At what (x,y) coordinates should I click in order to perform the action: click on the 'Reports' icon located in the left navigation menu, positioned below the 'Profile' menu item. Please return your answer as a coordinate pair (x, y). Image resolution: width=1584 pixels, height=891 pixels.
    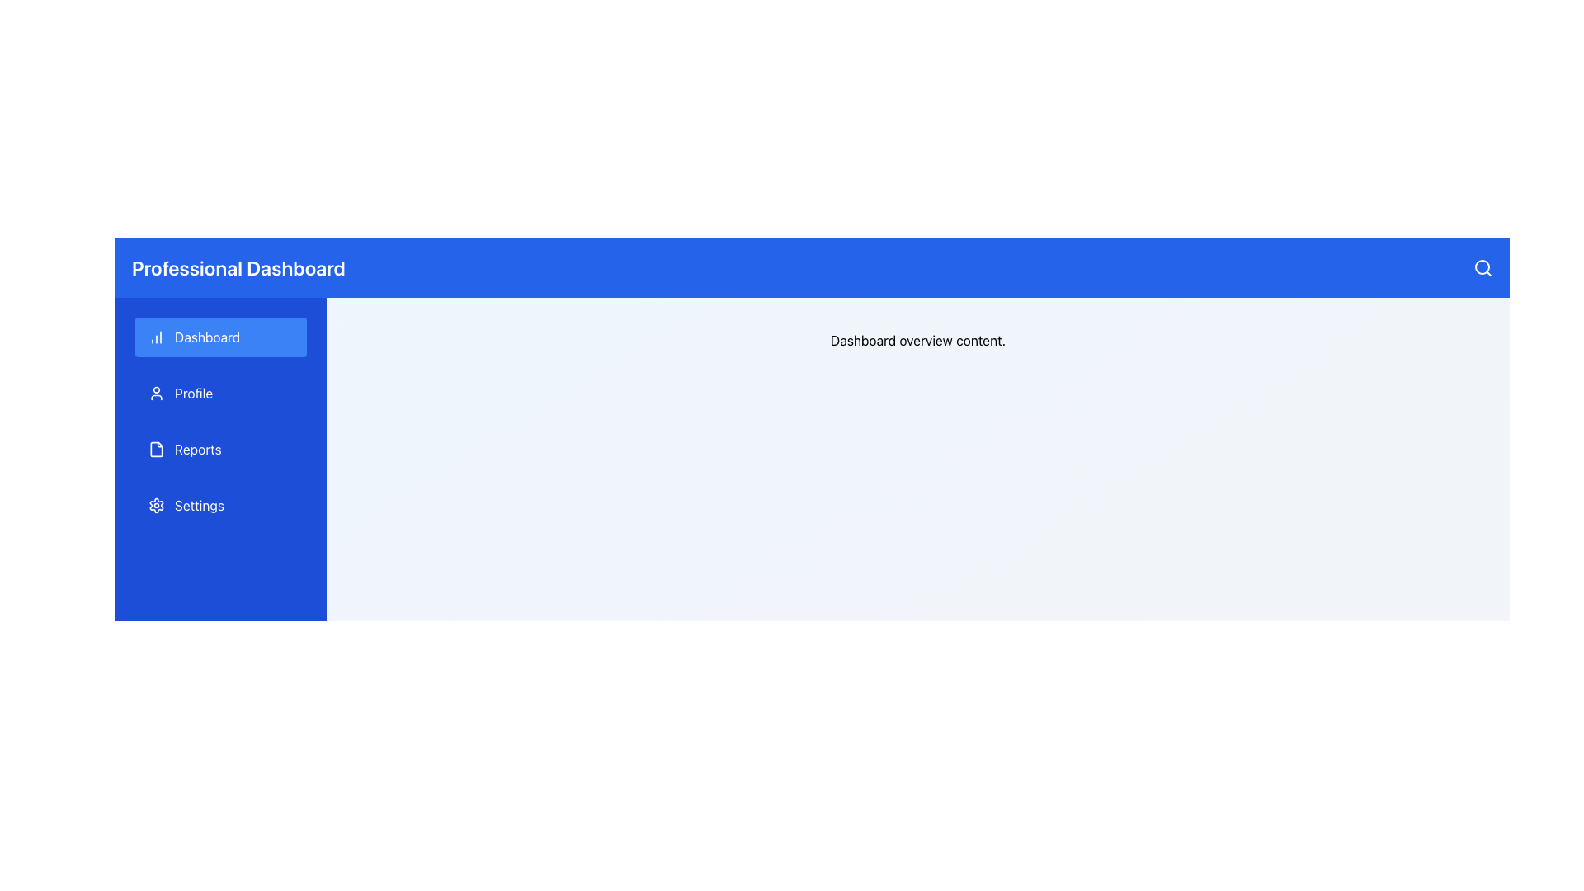
    Looking at the image, I should click on (157, 449).